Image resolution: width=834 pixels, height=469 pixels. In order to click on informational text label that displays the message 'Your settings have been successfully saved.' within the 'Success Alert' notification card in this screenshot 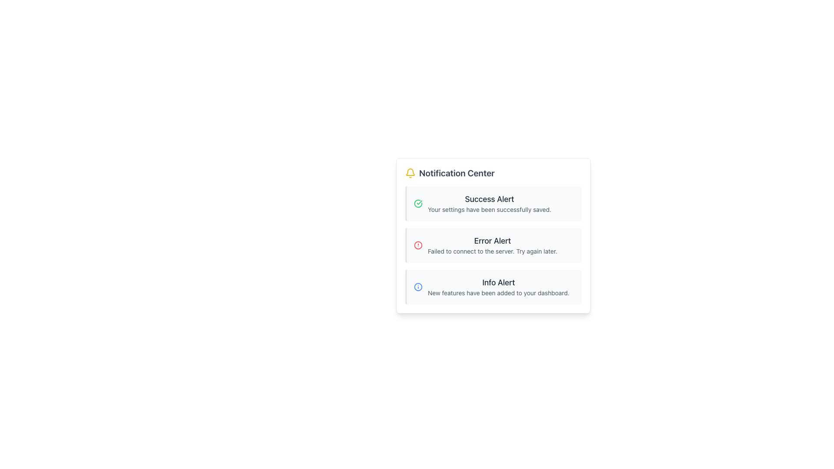, I will do `click(490, 209)`.